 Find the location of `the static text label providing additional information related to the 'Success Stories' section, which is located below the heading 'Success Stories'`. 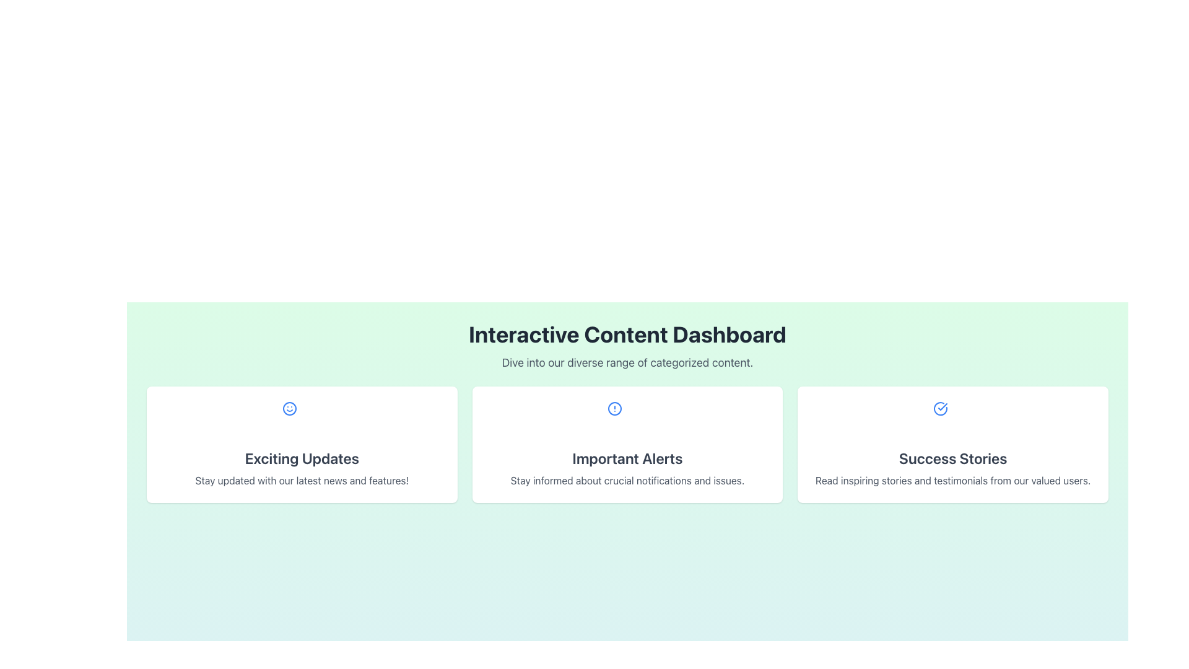

the static text label providing additional information related to the 'Success Stories' section, which is located below the heading 'Success Stories' is located at coordinates (952, 479).